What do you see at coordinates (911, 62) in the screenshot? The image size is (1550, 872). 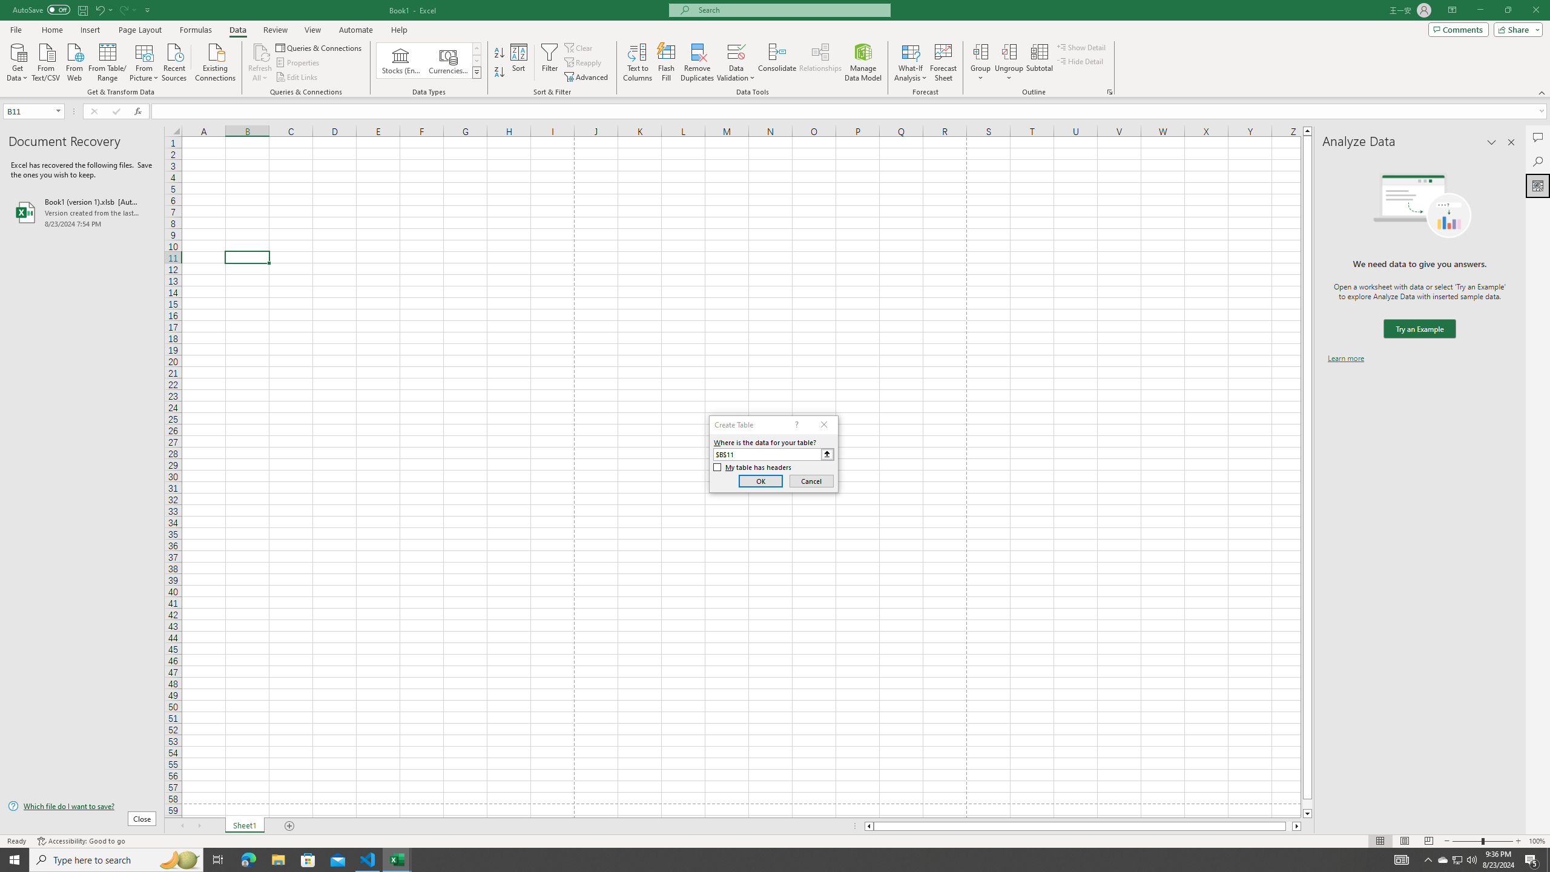 I see `'What-If Analysis'` at bounding box center [911, 62].